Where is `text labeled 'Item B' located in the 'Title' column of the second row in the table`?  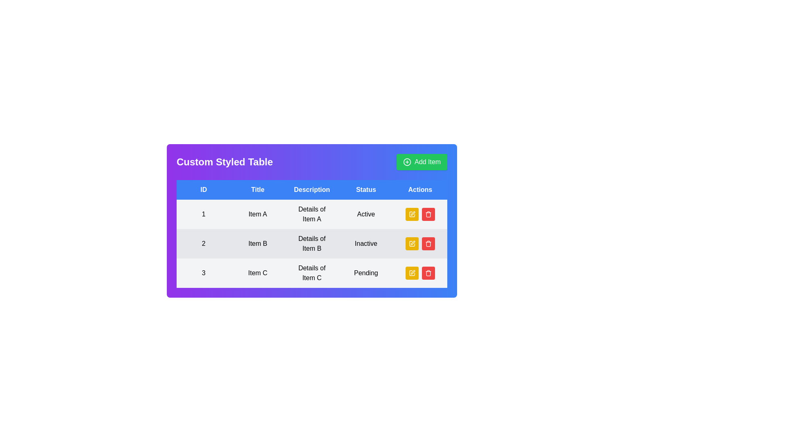
text labeled 'Item B' located in the 'Title' column of the second row in the table is located at coordinates (257, 243).